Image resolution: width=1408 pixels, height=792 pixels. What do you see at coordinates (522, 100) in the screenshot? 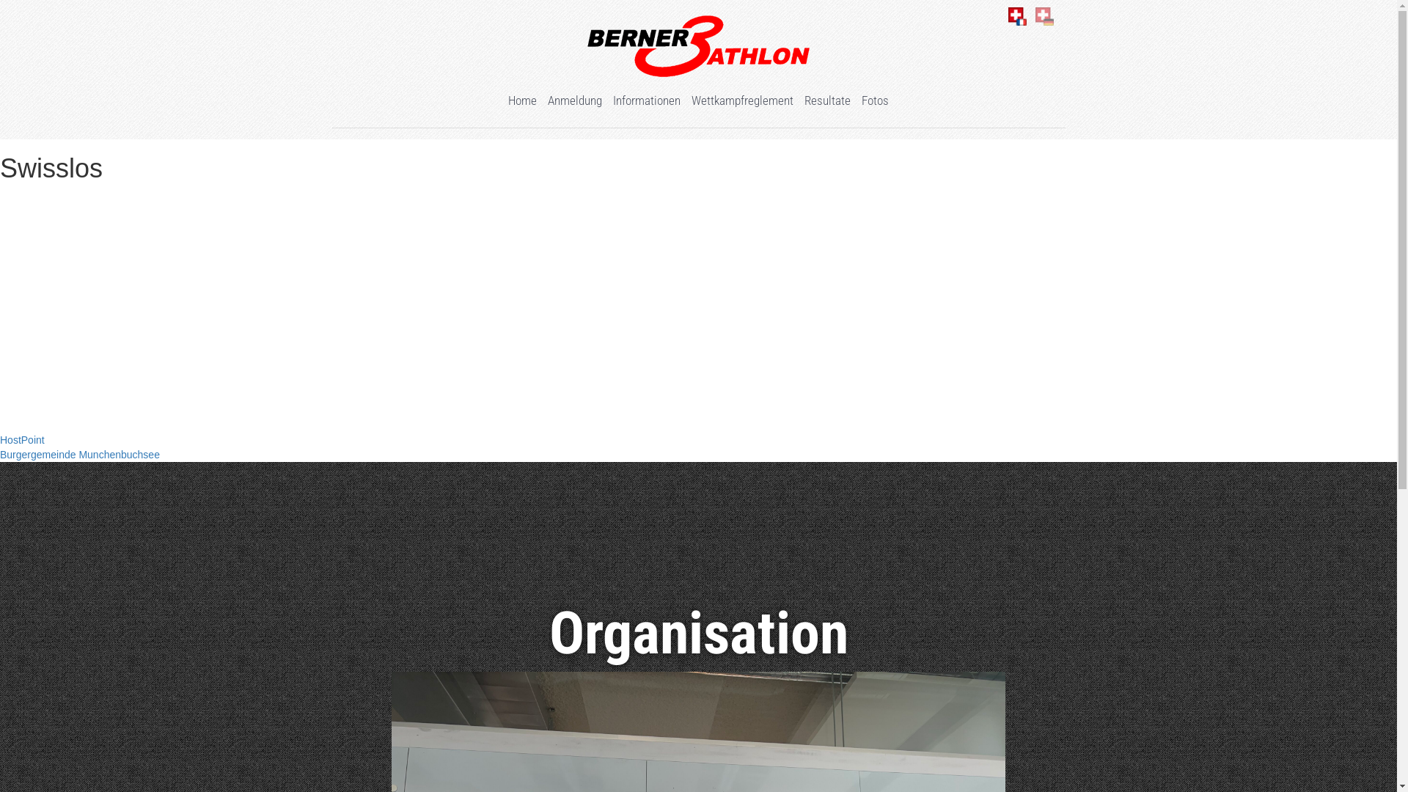
I see `'Home'` at bounding box center [522, 100].